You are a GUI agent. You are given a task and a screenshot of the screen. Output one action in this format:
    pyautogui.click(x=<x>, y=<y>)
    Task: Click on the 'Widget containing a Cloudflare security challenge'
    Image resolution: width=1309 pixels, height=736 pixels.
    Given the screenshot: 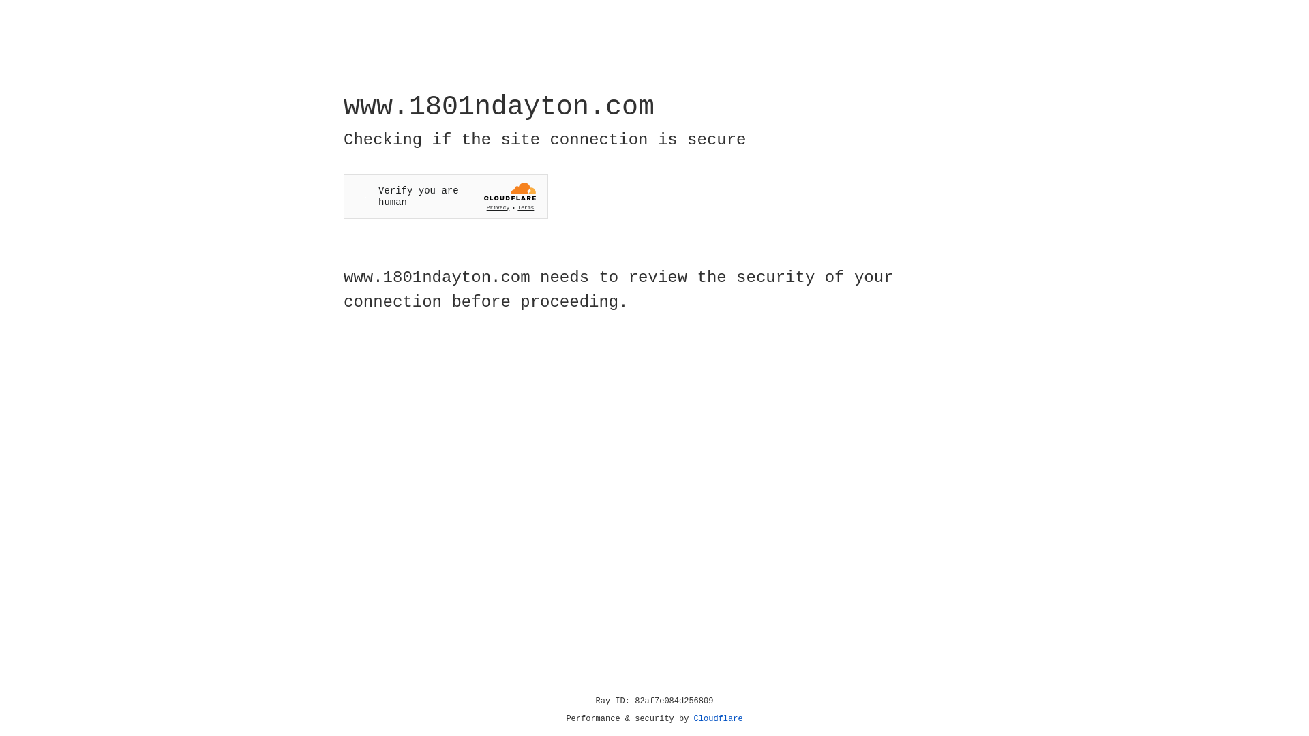 What is the action you would take?
    pyautogui.click(x=445, y=196)
    